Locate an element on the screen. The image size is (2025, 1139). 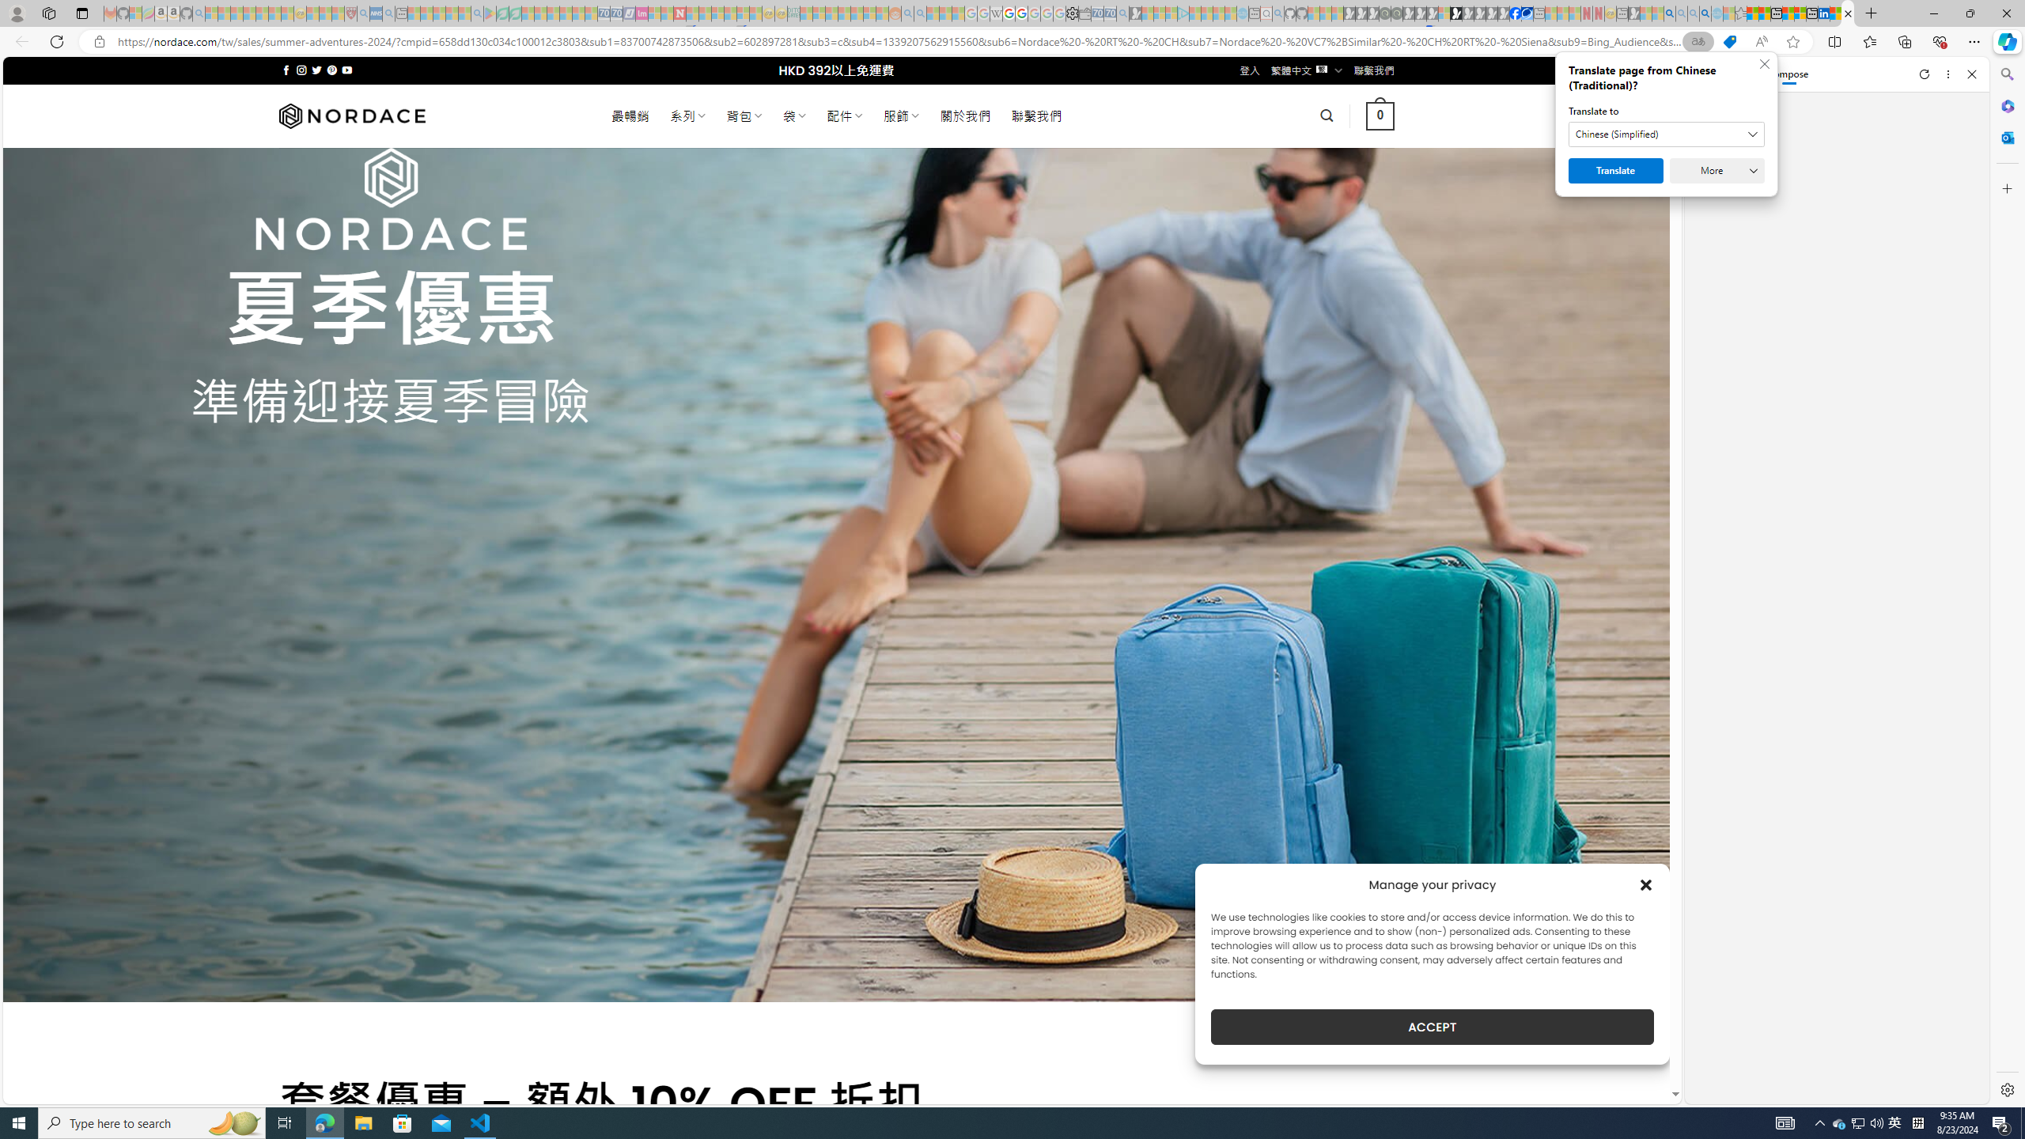
'Follow on YouTube' is located at coordinates (347, 70).